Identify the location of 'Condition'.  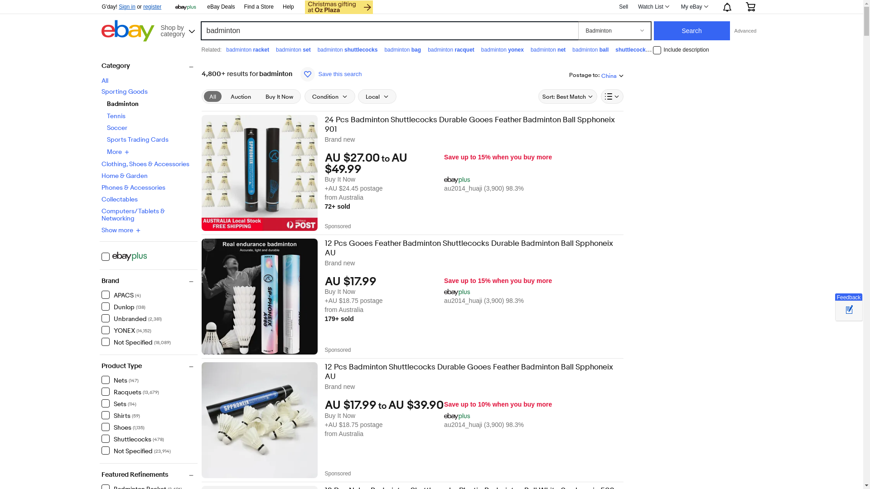
(329, 96).